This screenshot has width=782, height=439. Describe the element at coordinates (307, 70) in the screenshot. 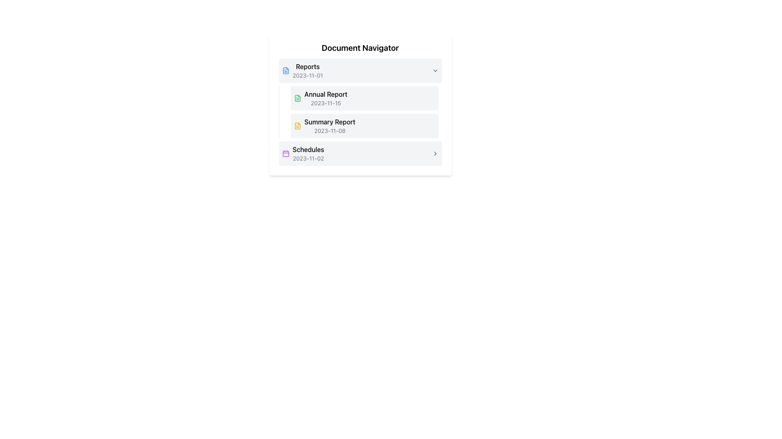

I see `the first List item in the Document Navigator sidebar menu that displays 'Reports' and '2023-11-01'` at that location.